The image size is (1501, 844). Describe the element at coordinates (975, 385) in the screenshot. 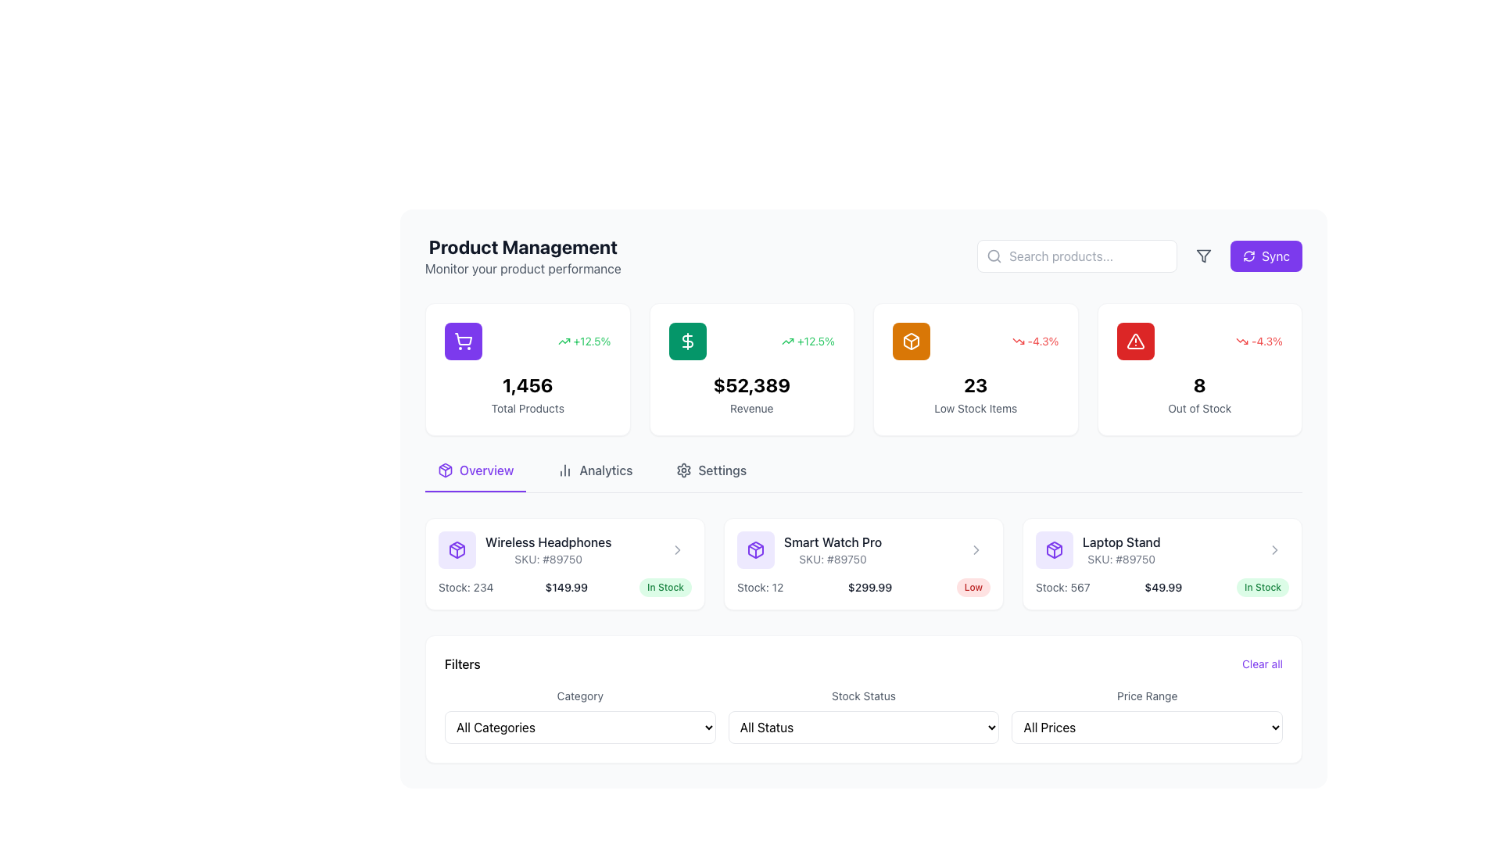

I see `the numeric value displayed in the 'Low Stock Items' text display located in the middle of the dashboard, slightly below the center of the card and to the right of the orange icon` at that location.